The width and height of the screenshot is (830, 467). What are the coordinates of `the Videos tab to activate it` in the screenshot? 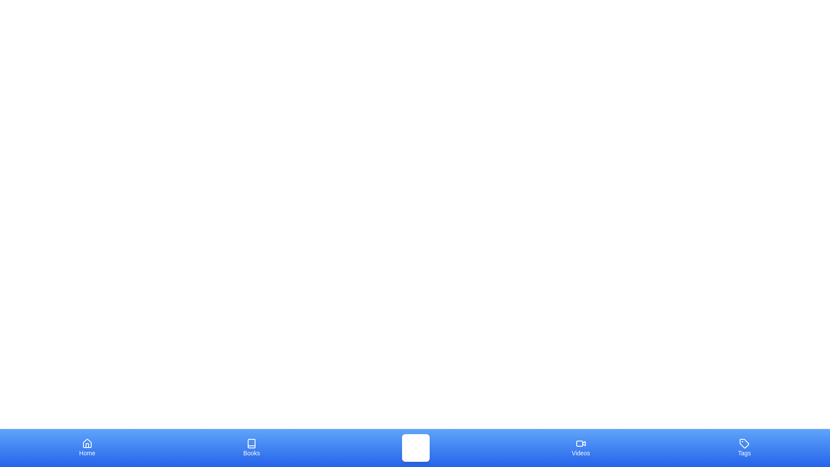 It's located at (581, 448).